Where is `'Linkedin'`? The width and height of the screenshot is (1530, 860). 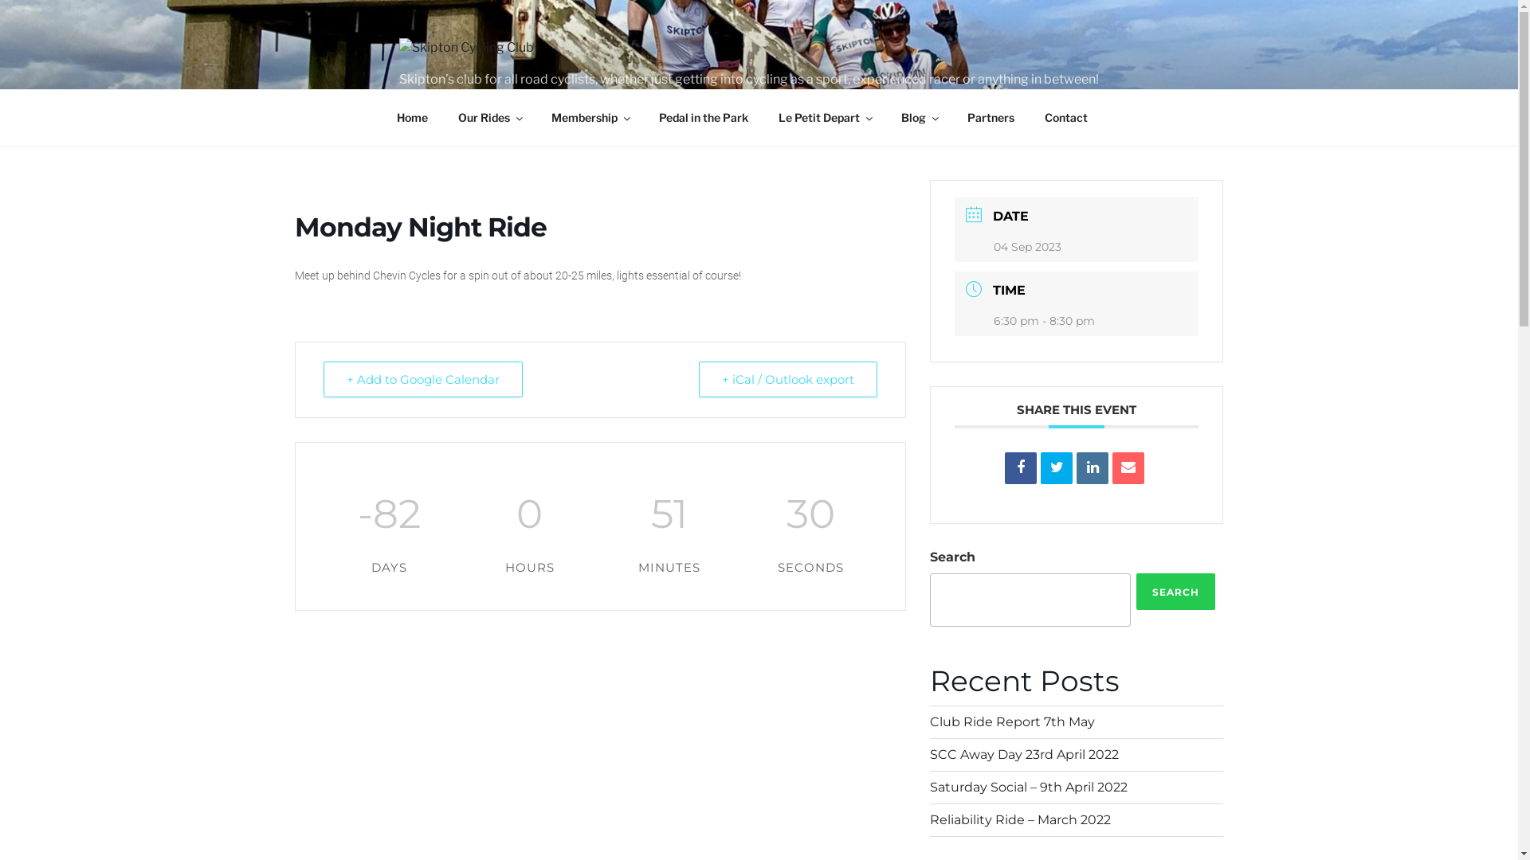
'Linkedin' is located at coordinates (1092, 467).